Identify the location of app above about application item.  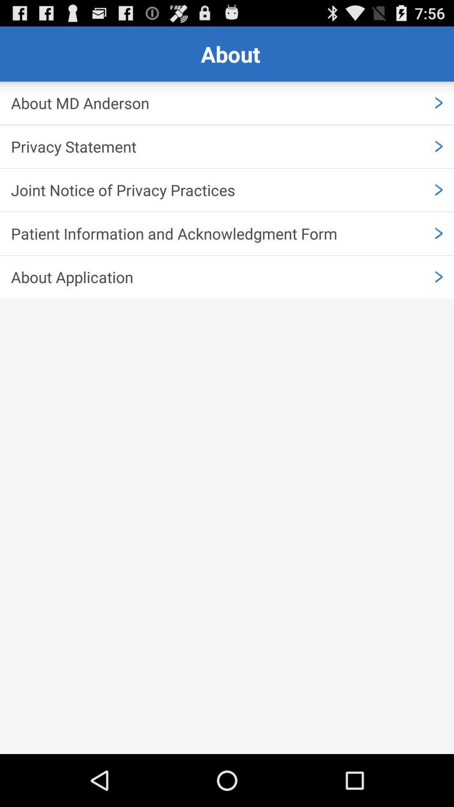
(227, 233).